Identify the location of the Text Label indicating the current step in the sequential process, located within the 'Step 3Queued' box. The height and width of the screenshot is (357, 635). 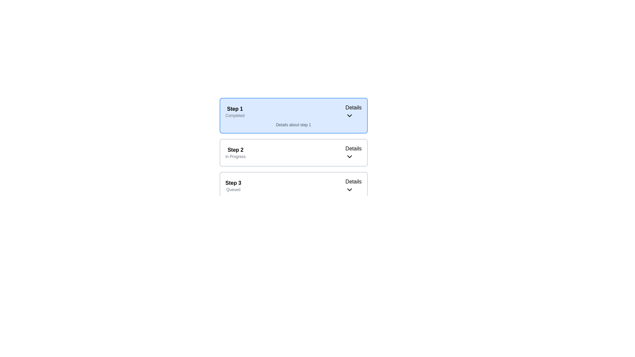
(233, 183).